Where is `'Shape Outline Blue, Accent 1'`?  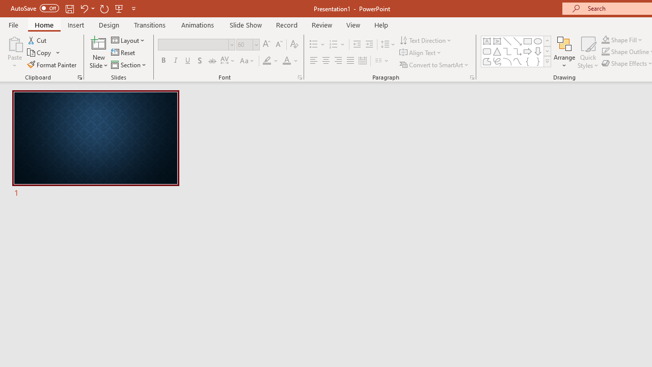
'Shape Outline Blue, Accent 1' is located at coordinates (606, 51).